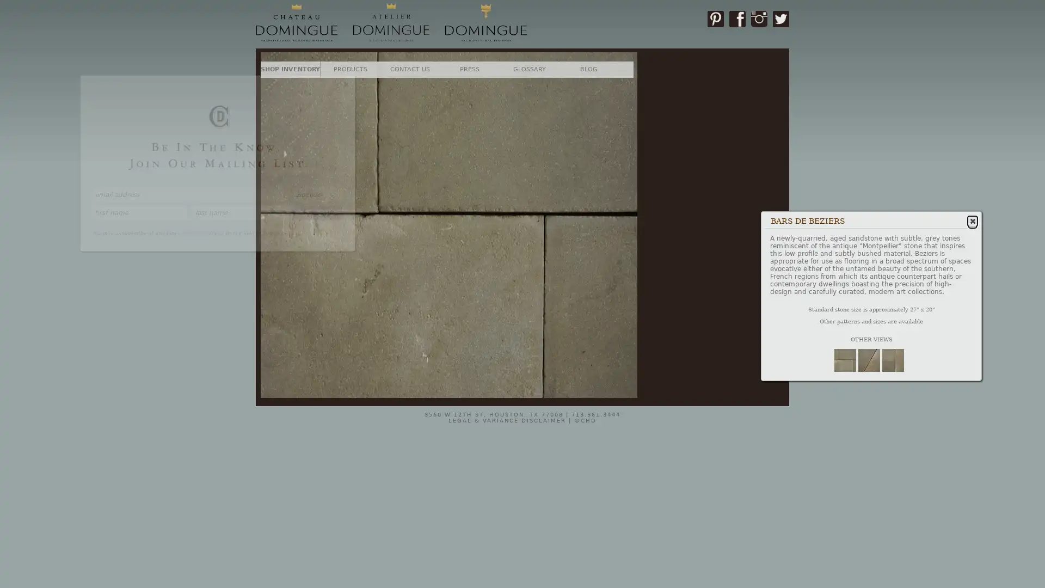  What do you see at coordinates (317, 212) in the screenshot?
I see `SUBSCRIBE` at bounding box center [317, 212].